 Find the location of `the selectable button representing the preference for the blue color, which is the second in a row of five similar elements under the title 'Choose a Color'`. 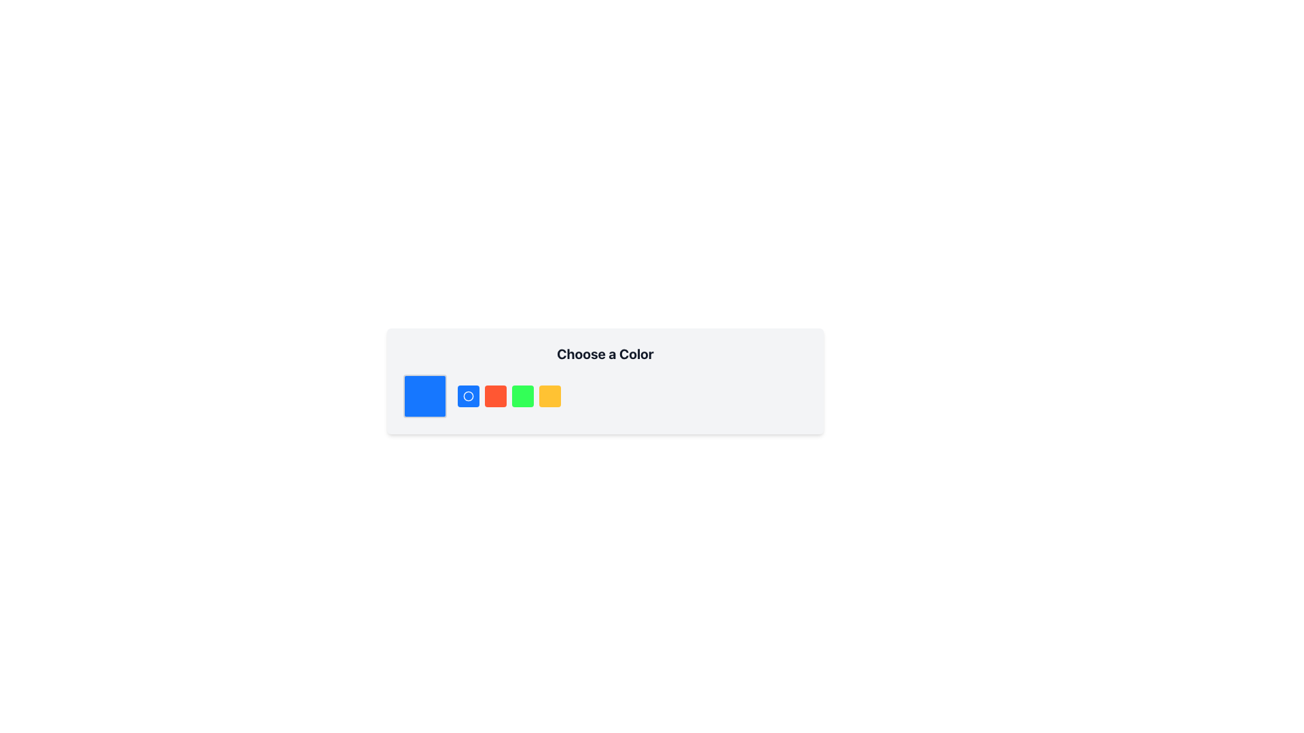

the selectable button representing the preference for the blue color, which is the second in a row of five similar elements under the title 'Choose a Color' is located at coordinates (469, 396).